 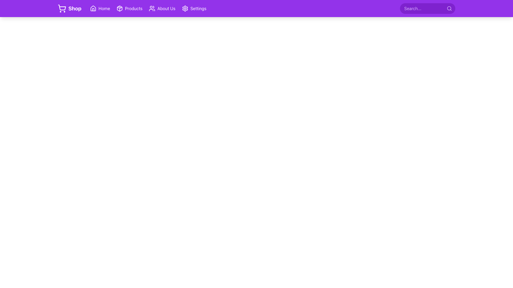 I want to click on the 'Shop' button, which is a horizontally-aligned section with a shopping cart icon and bold text on a purple background, so click(x=69, y=8).